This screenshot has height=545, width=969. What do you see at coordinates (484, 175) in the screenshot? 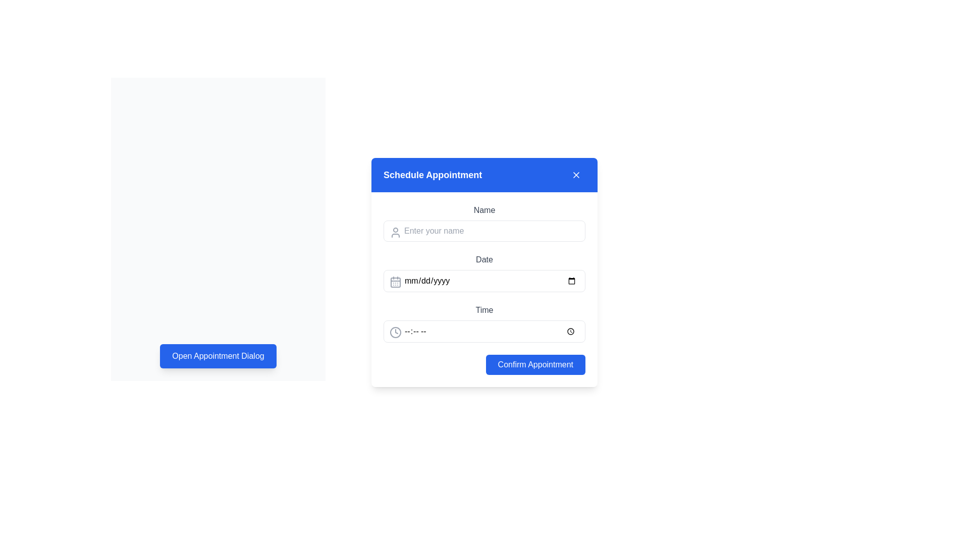
I see `the modal by the header section labeled 'Schedule Appointment'` at bounding box center [484, 175].